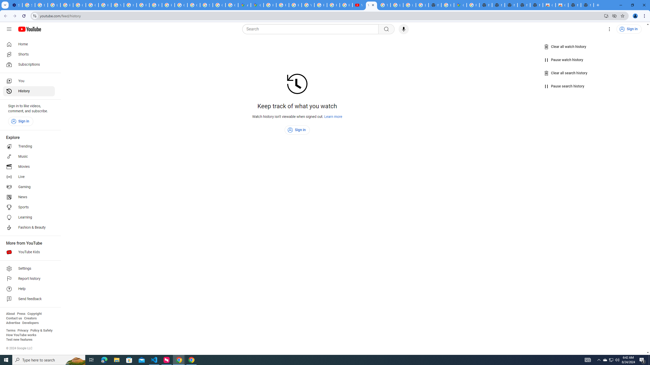 This screenshot has height=365, width=650. Describe the element at coordinates (19, 339) in the screenshot. I see `'Test new features'` at that location.